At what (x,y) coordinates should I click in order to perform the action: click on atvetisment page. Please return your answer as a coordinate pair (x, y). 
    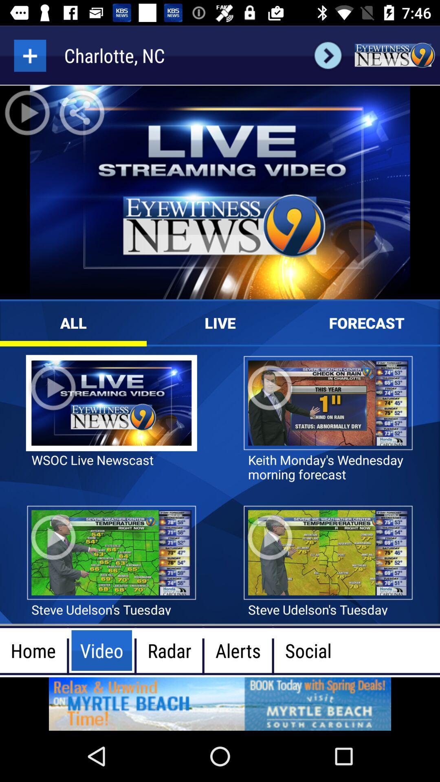
    Looking at the image, I should click on (220, 703).